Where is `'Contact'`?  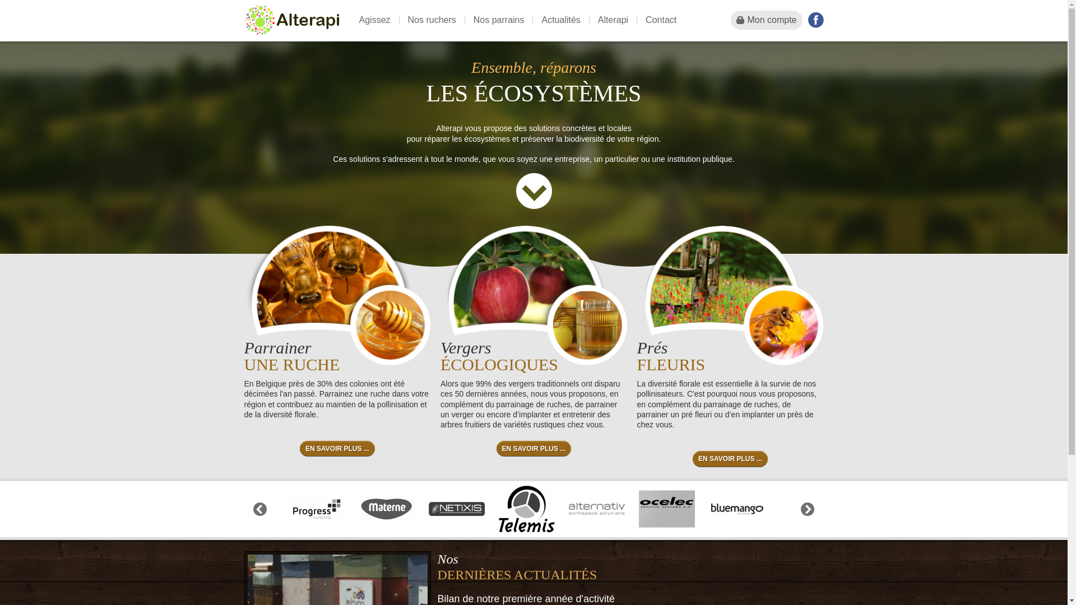
'Contact' is located at coordinates (637, 20).